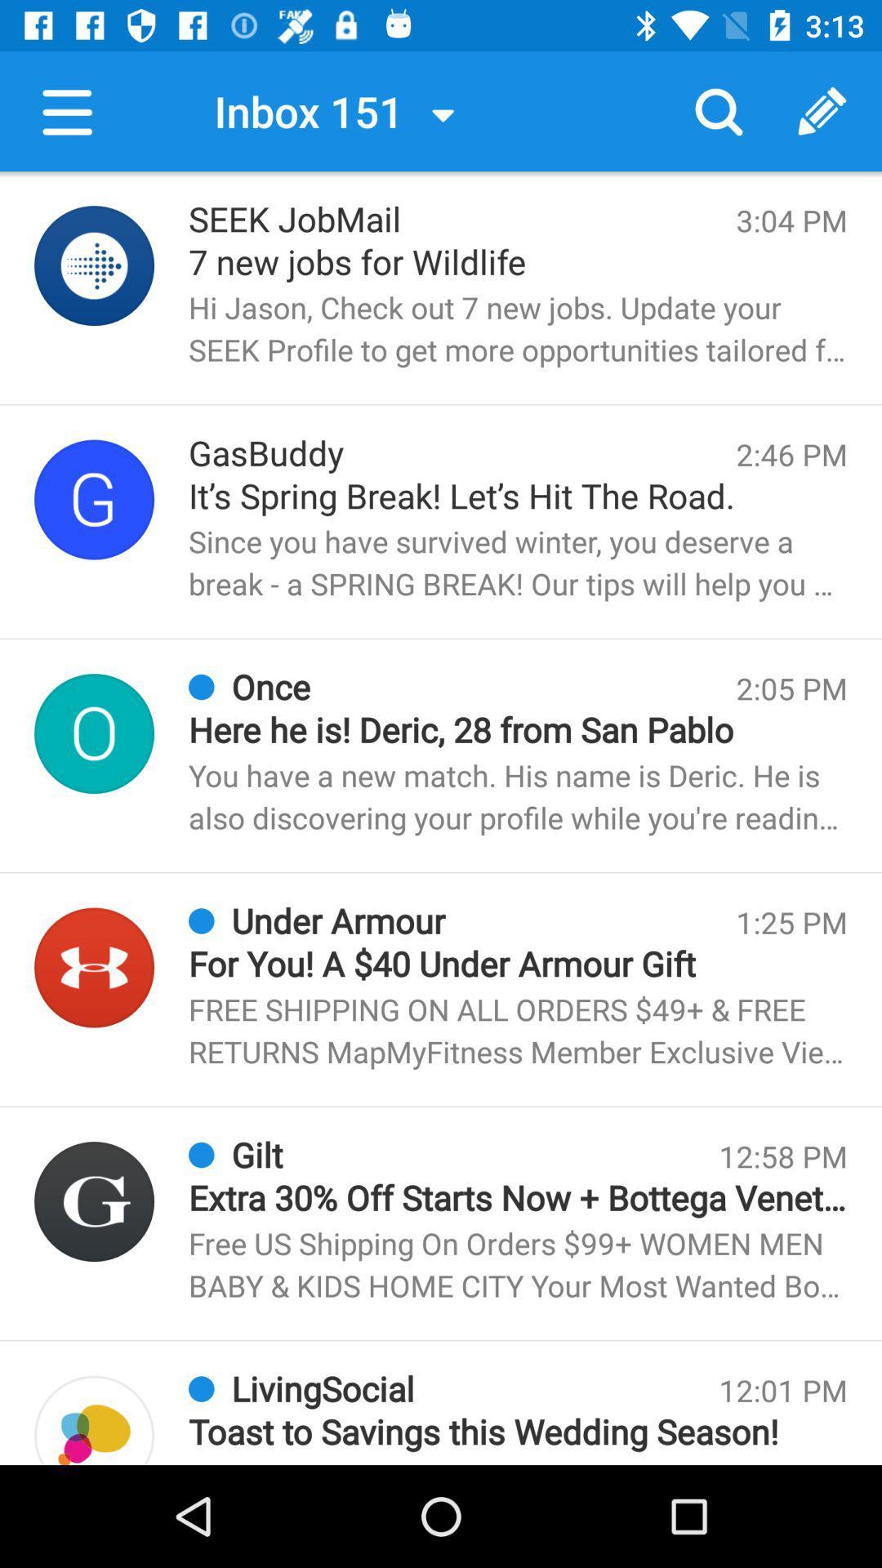 The height and width of the screenshot is (1568, 882). I want to click on click the icon for gilt, so click(94, 1201).